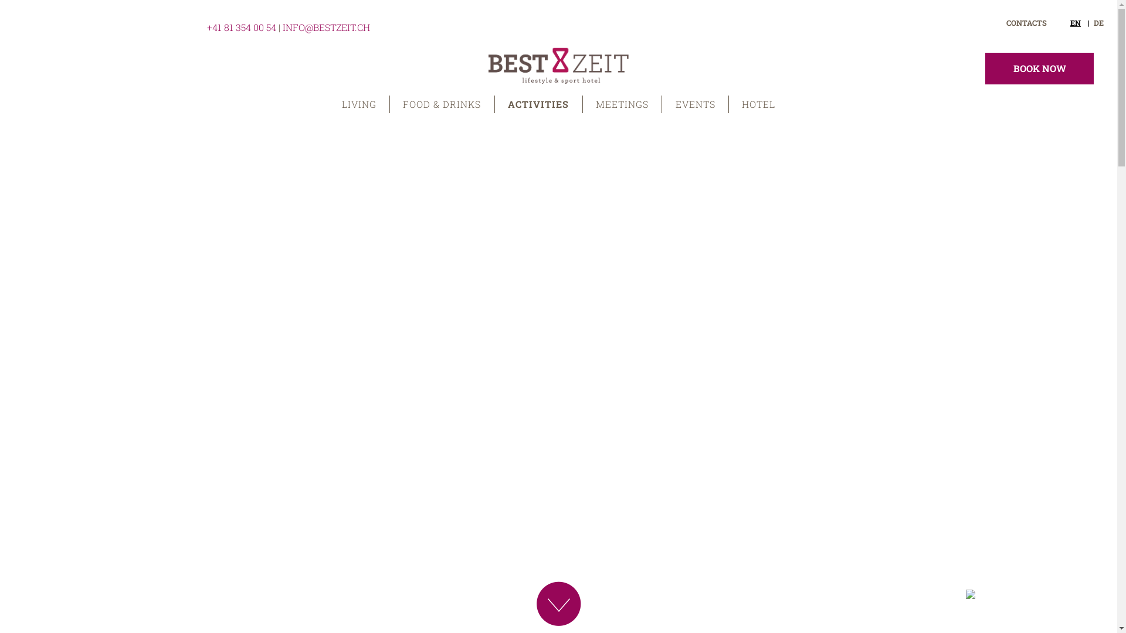 This screenshot has height=633, width=1126. What do you see at coordinates (1093, 22) in the screenshot?
I see `'DE'` at bounding box center [1093, 22].